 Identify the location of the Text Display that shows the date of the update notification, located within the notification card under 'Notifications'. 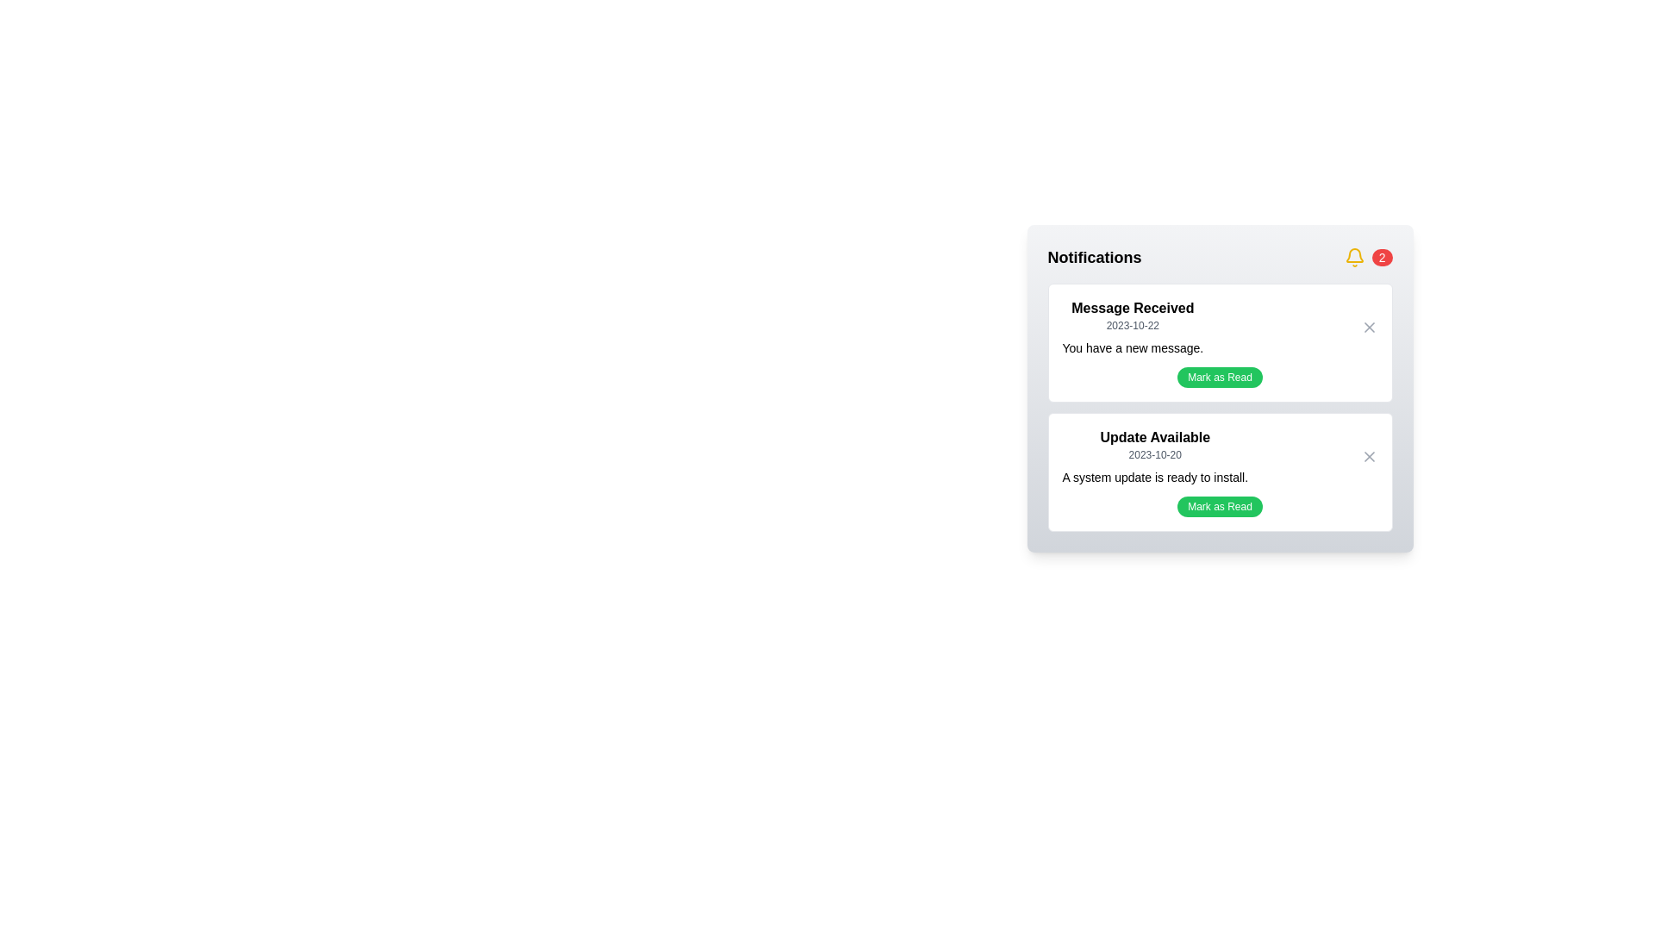
(1155, 454).